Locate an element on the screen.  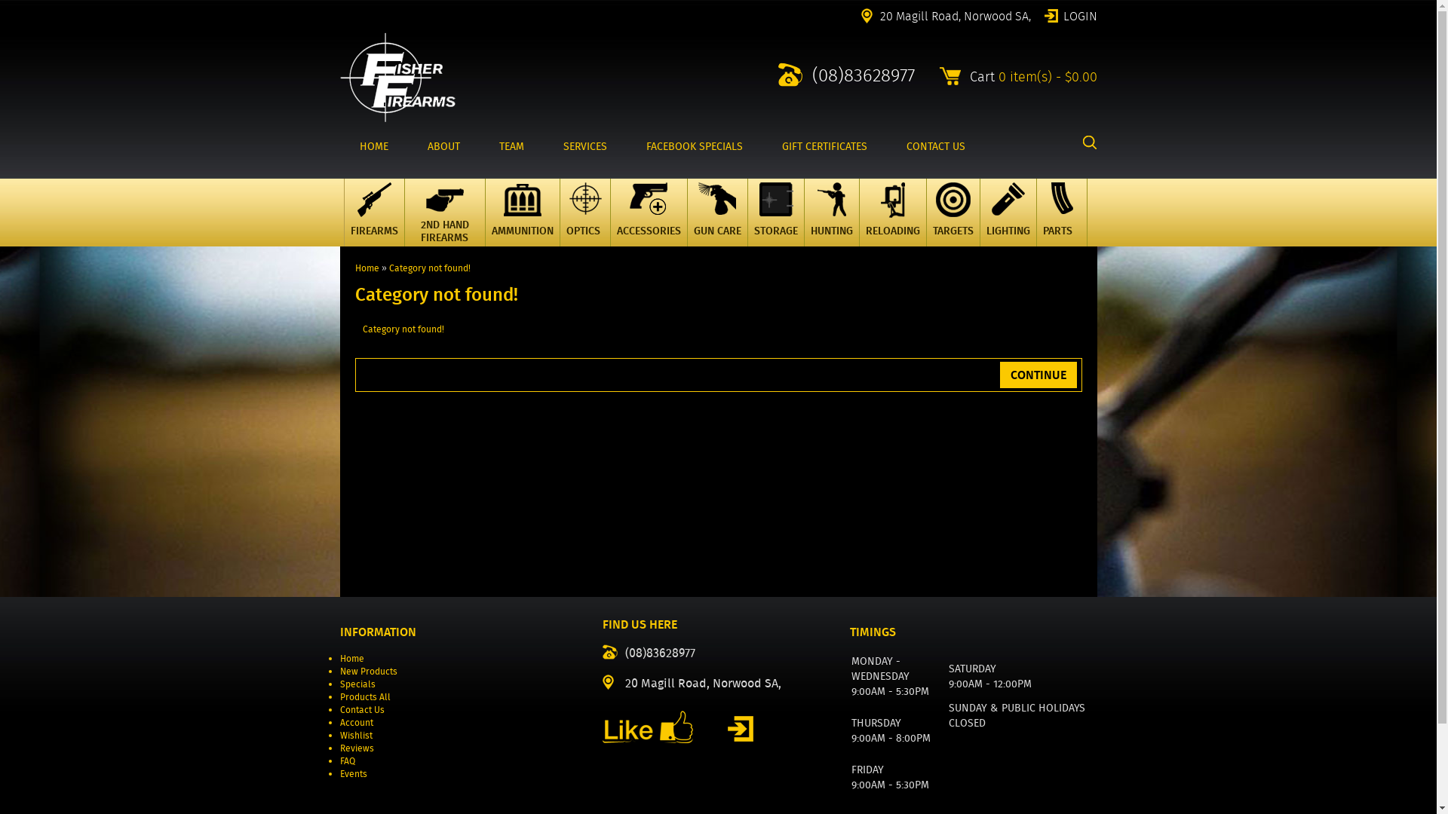
'Lighting' is located at coordinates (1008, 222).